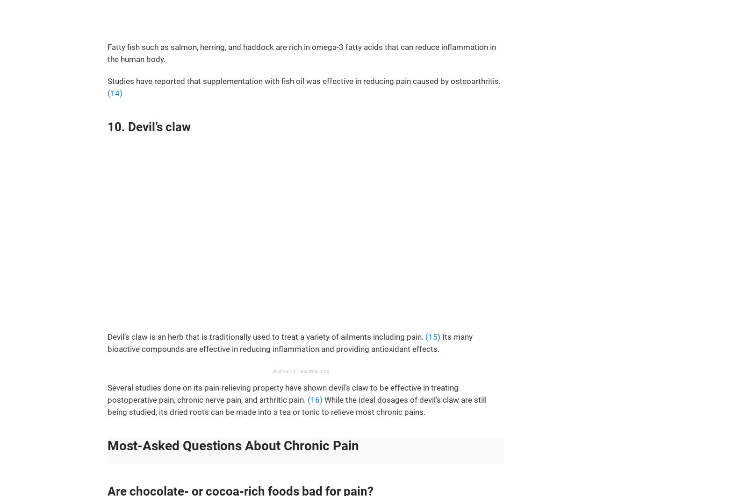  Describe the element at coordinates (290, 342) in the screenshot. I see `'Its many bioactive compounds are effective in reducing inflammation and providing antioxidant effects.'` at that location.